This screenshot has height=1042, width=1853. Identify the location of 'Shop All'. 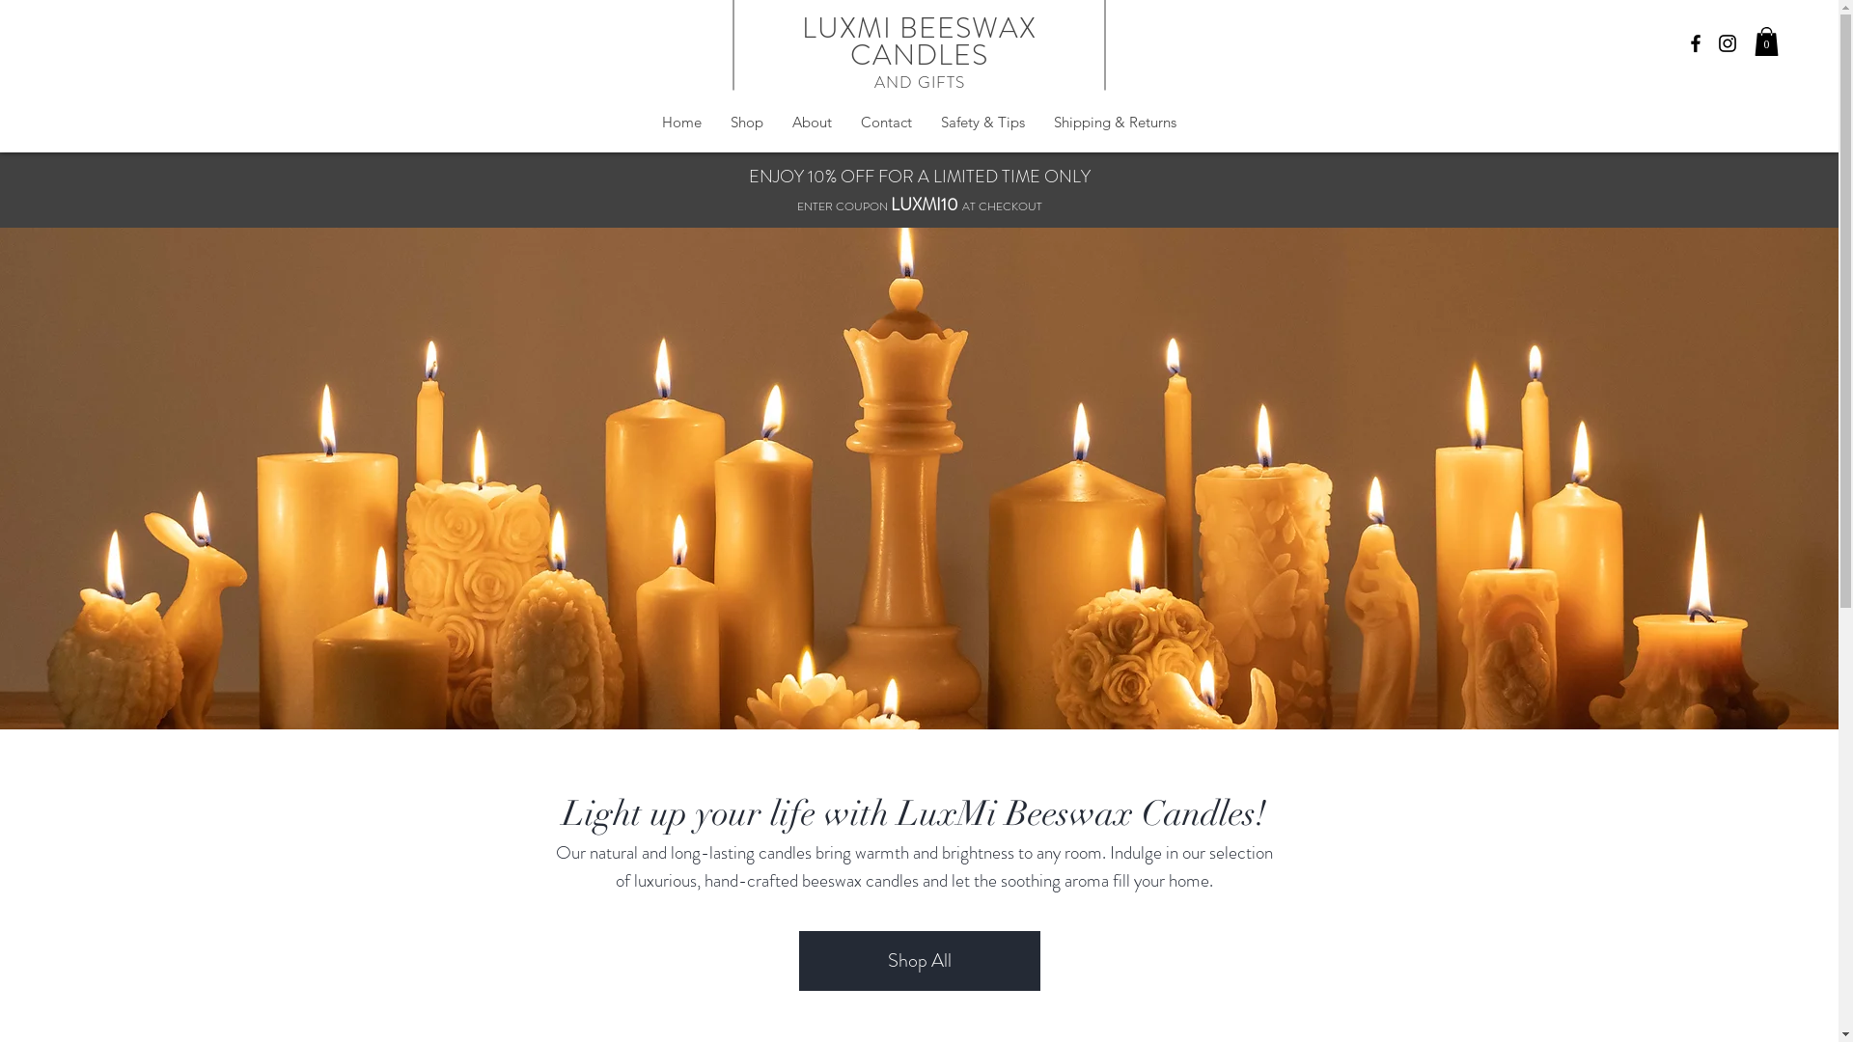
(919, 960).